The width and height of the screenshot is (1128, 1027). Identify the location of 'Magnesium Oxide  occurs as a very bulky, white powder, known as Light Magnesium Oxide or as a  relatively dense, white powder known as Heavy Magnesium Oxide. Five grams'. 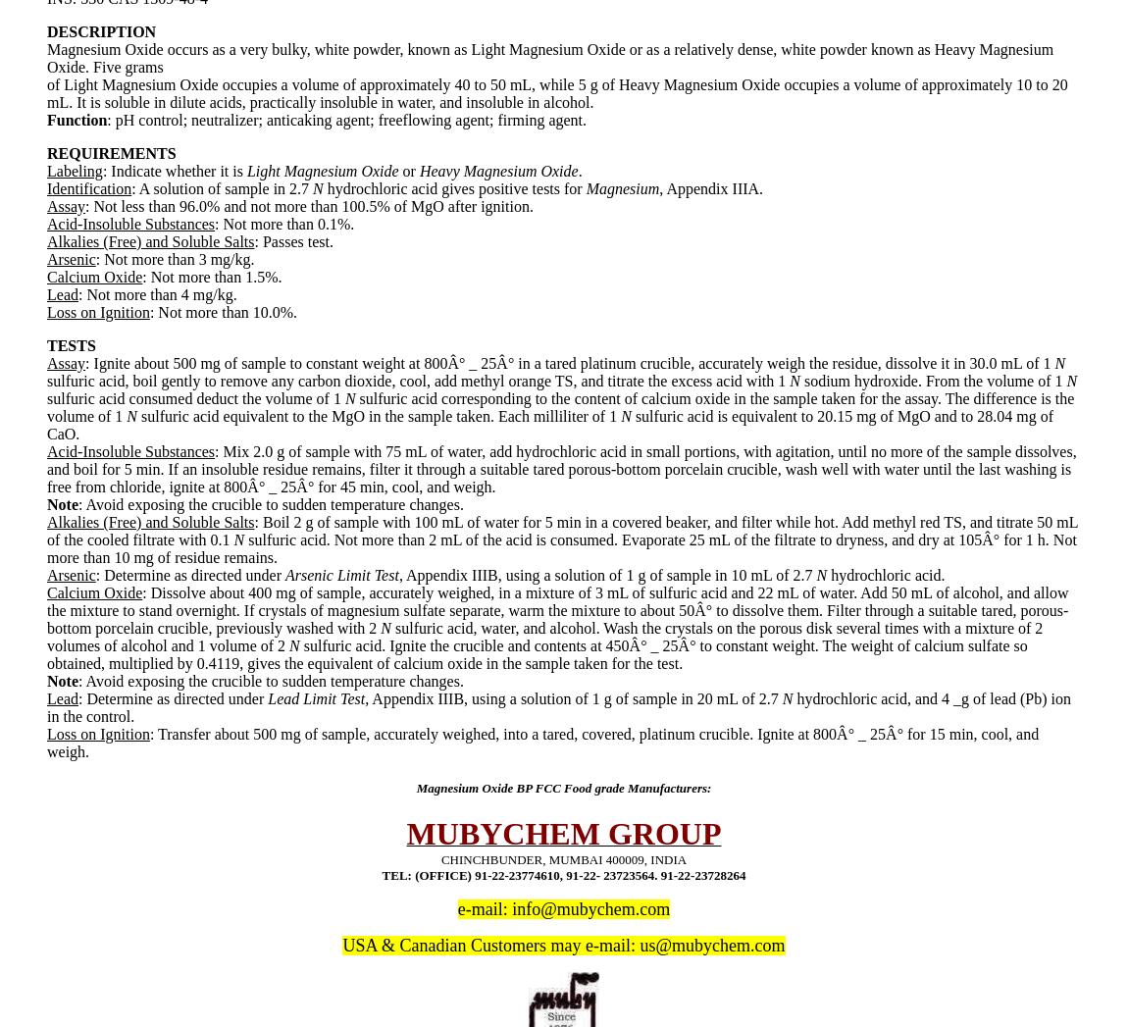
(549, 57).